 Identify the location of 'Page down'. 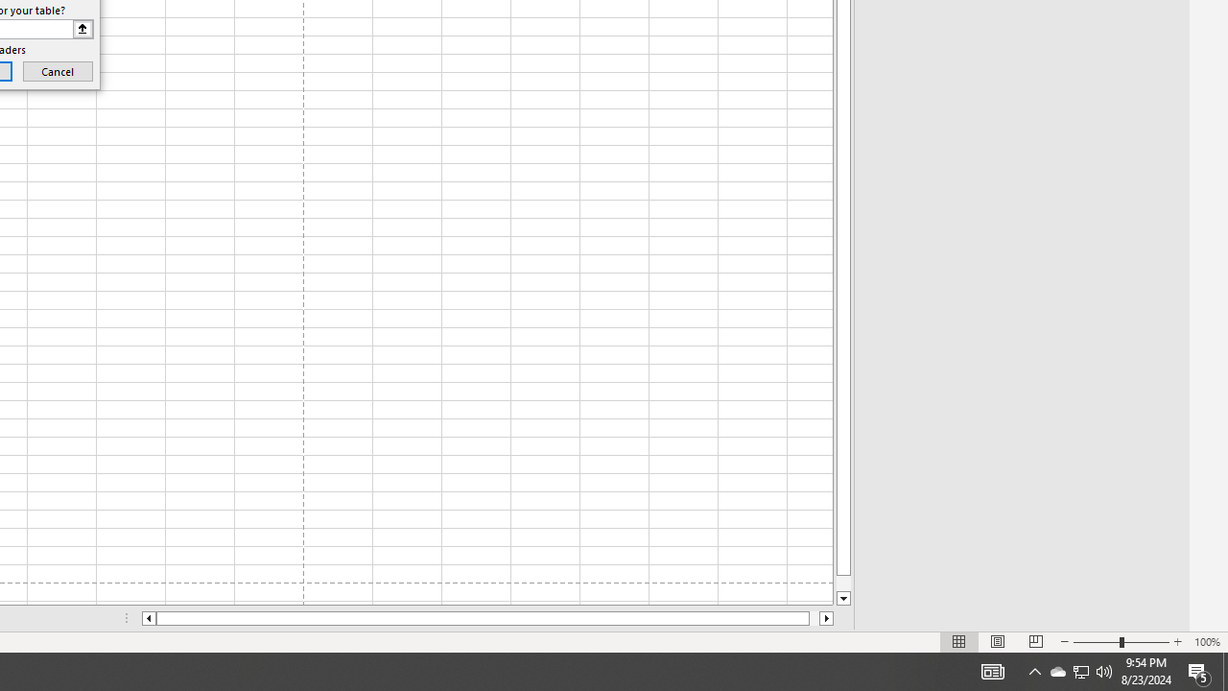
(843, 583).